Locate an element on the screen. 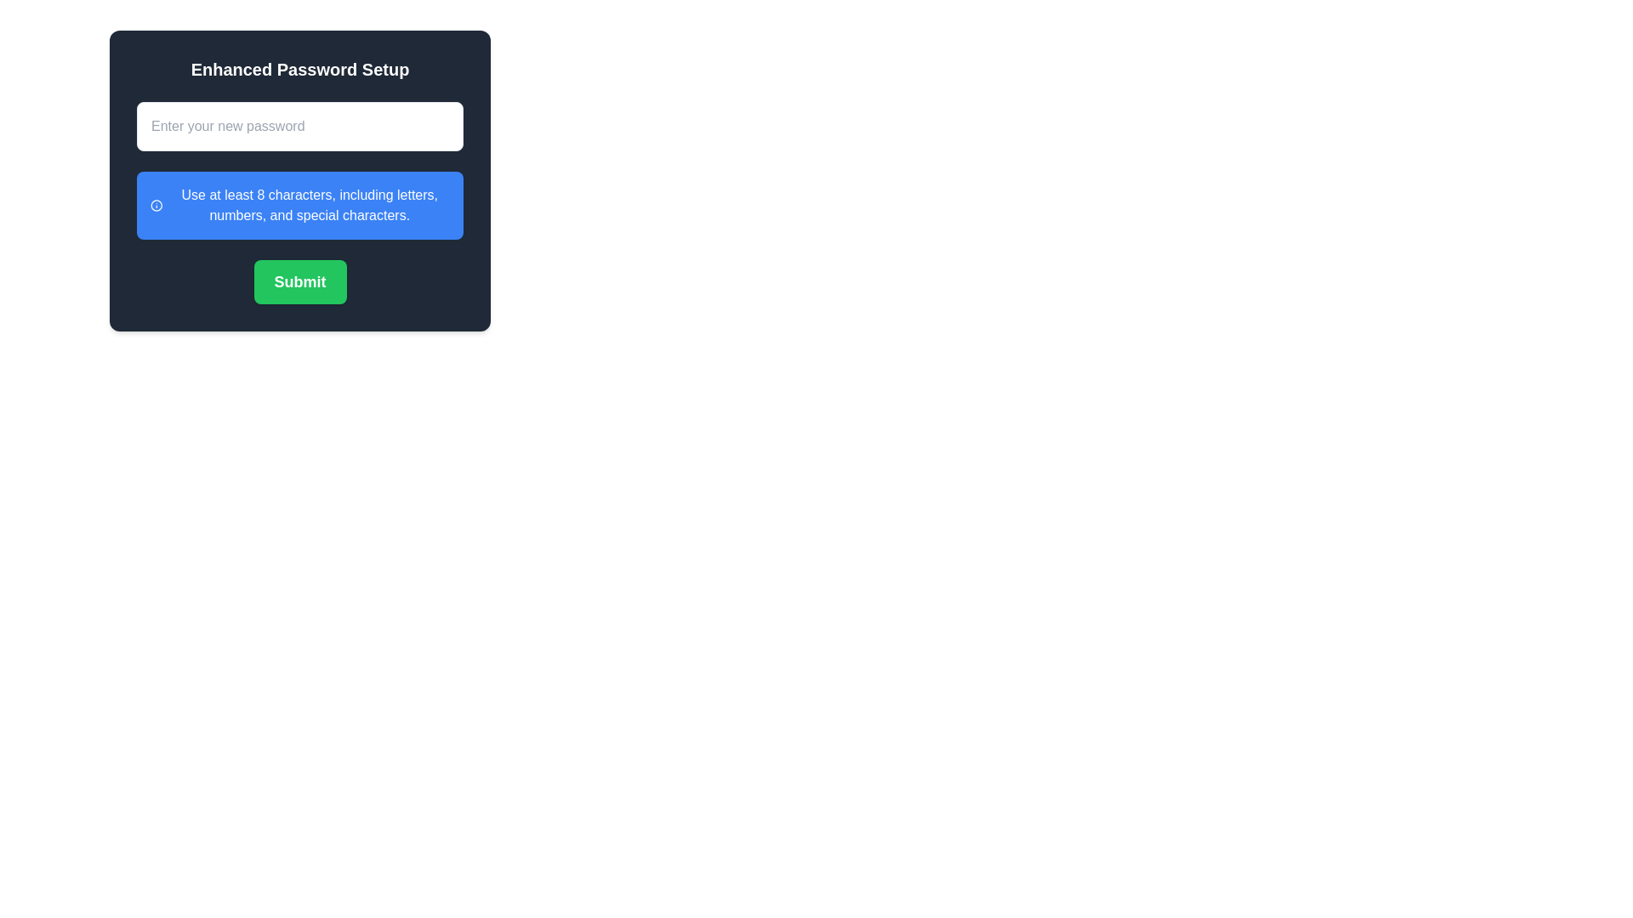  guidelines for password creation from the Information box located under the title 'Enhanced Password Setup' and above the green button labeled 'Submit.' is located at coordinates (300, 180).